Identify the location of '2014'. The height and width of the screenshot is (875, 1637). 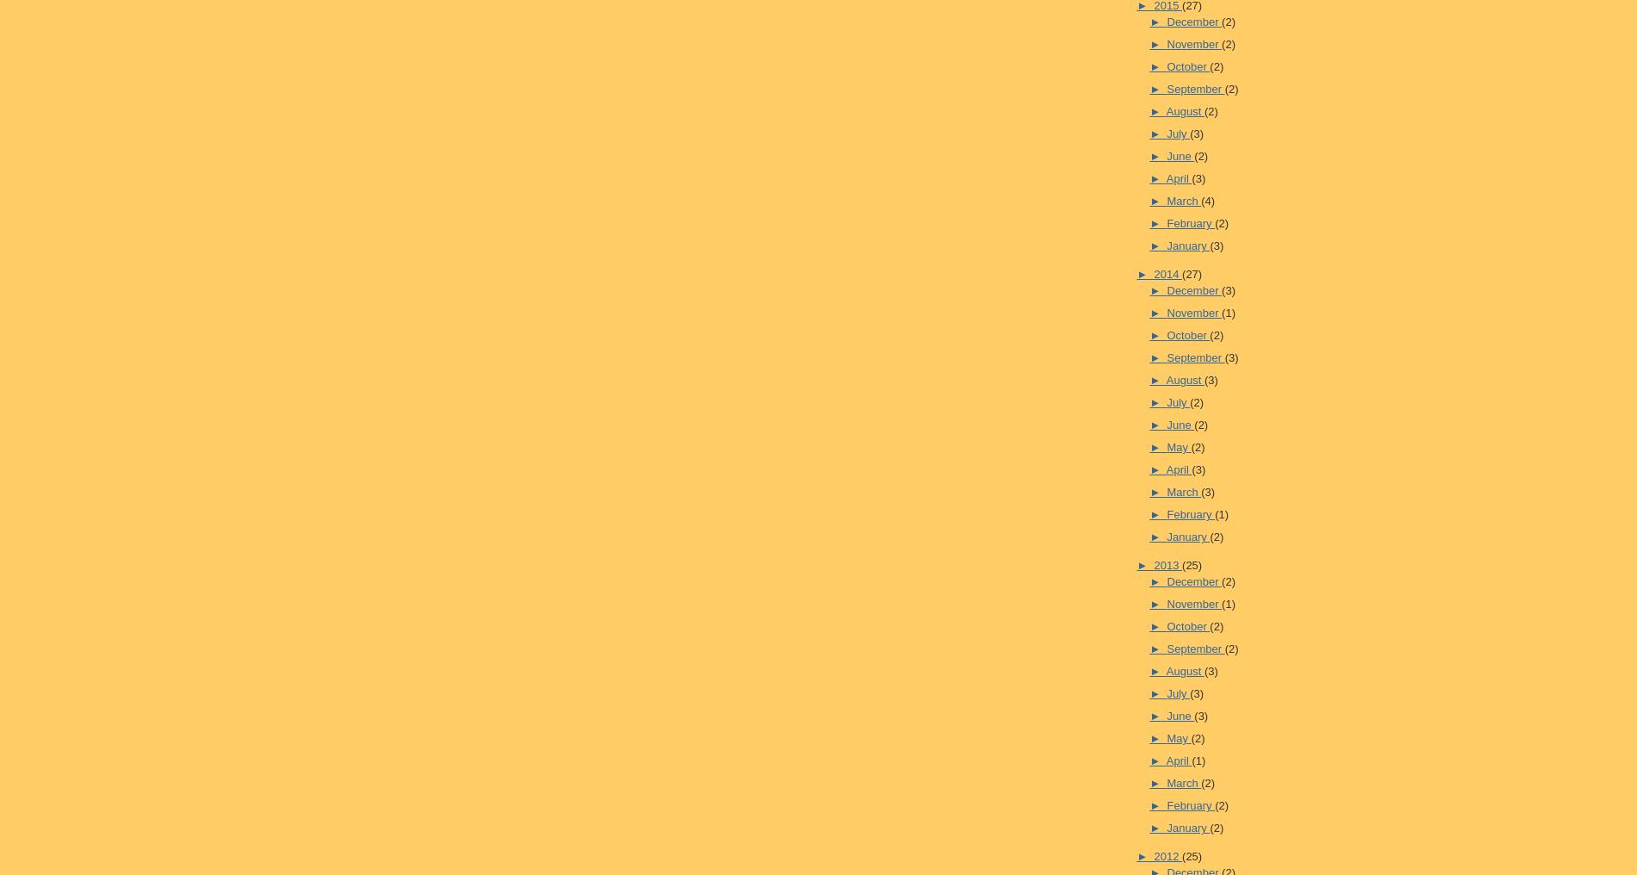
(1167, 272).